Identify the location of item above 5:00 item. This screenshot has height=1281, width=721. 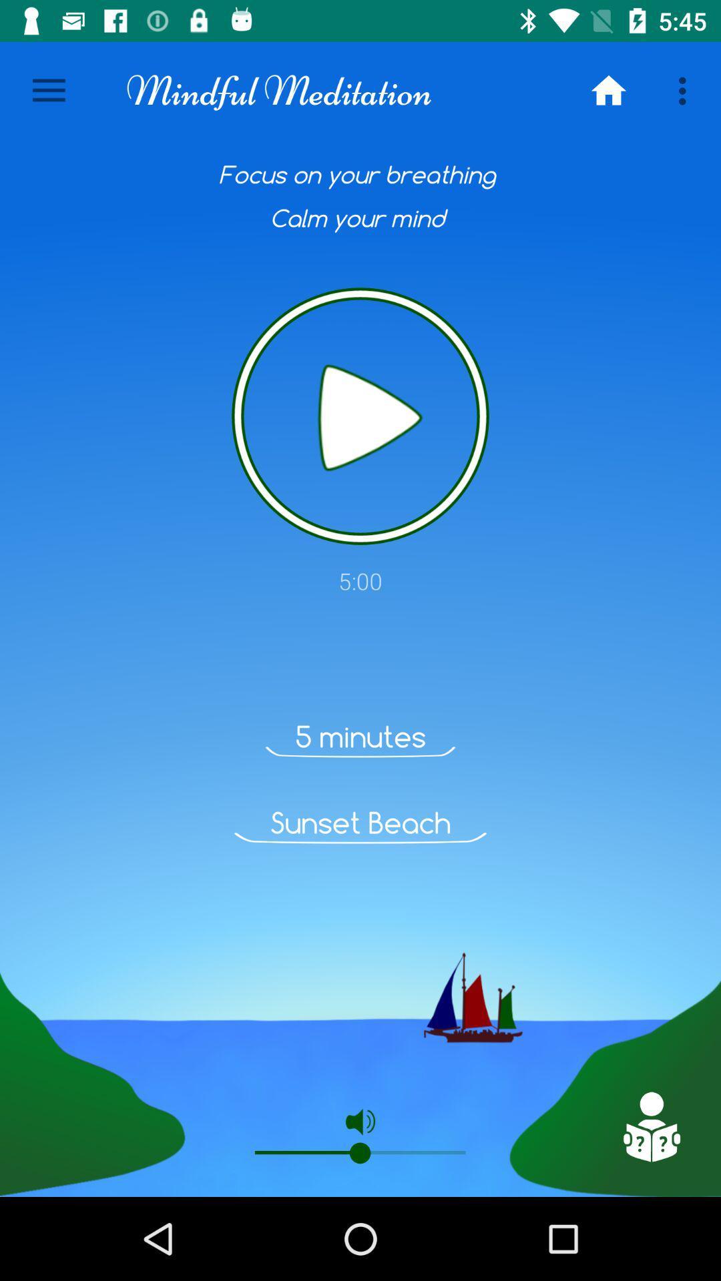
(360, 416).